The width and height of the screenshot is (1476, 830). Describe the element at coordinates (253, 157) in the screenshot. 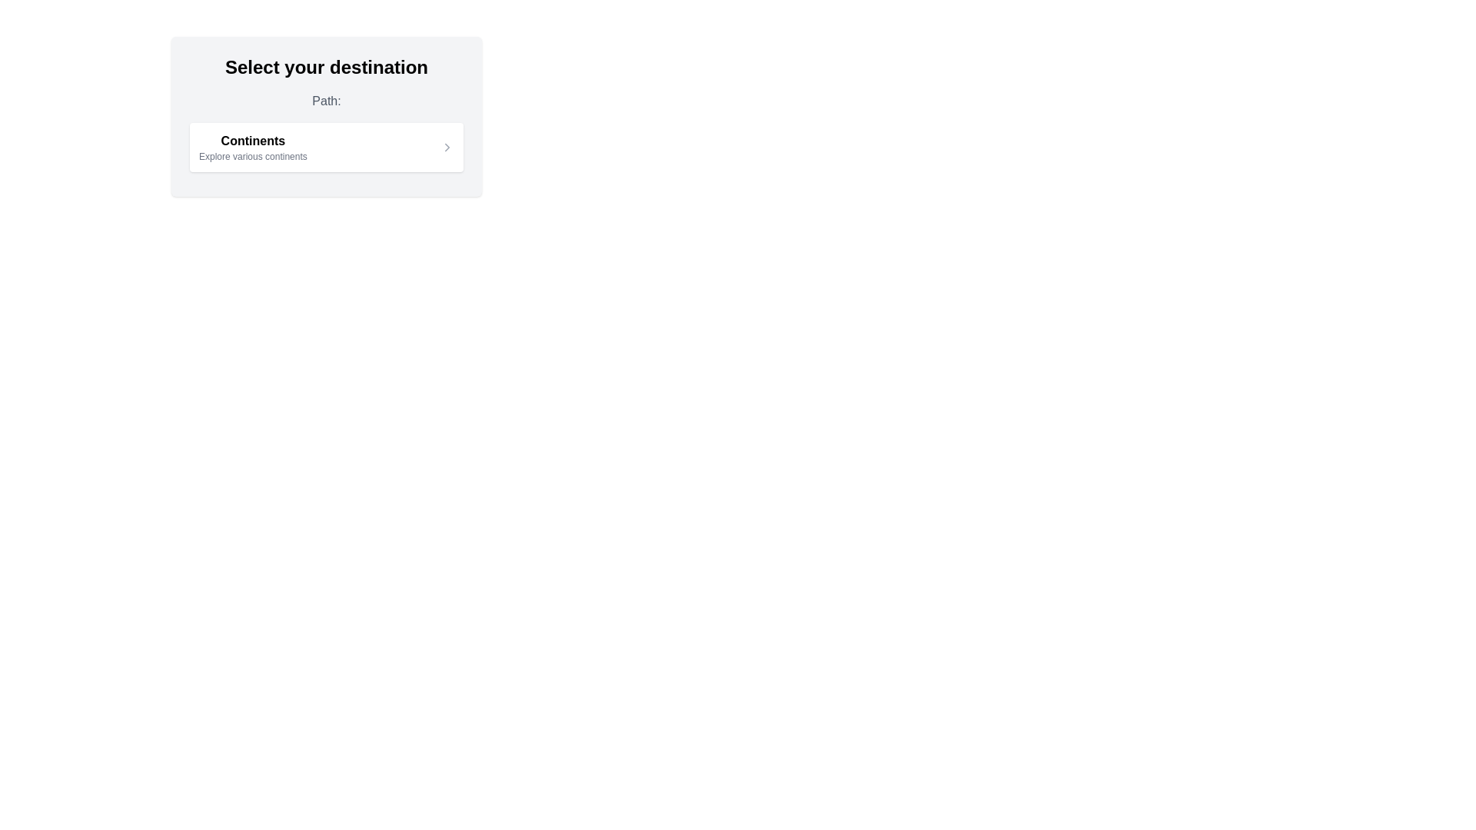

I see `the descriptive text element located below the 'Continents' title in the white rectangular card that provides additional information about the 'Continents' section` at that location.